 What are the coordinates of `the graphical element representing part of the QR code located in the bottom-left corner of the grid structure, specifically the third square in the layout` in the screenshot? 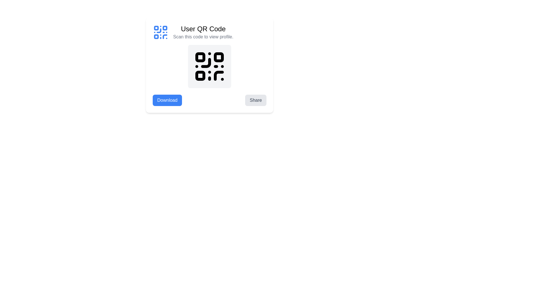 It's located at (156, 37).